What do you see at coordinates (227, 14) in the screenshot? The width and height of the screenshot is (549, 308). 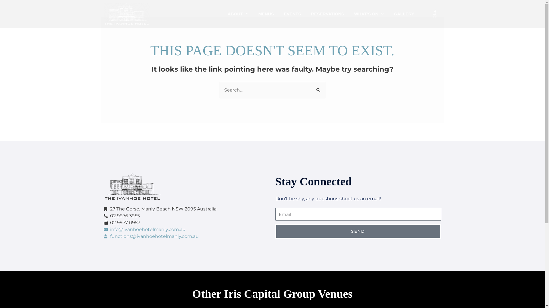 I see `'ABOUT'` at bounding box center [227, 14].